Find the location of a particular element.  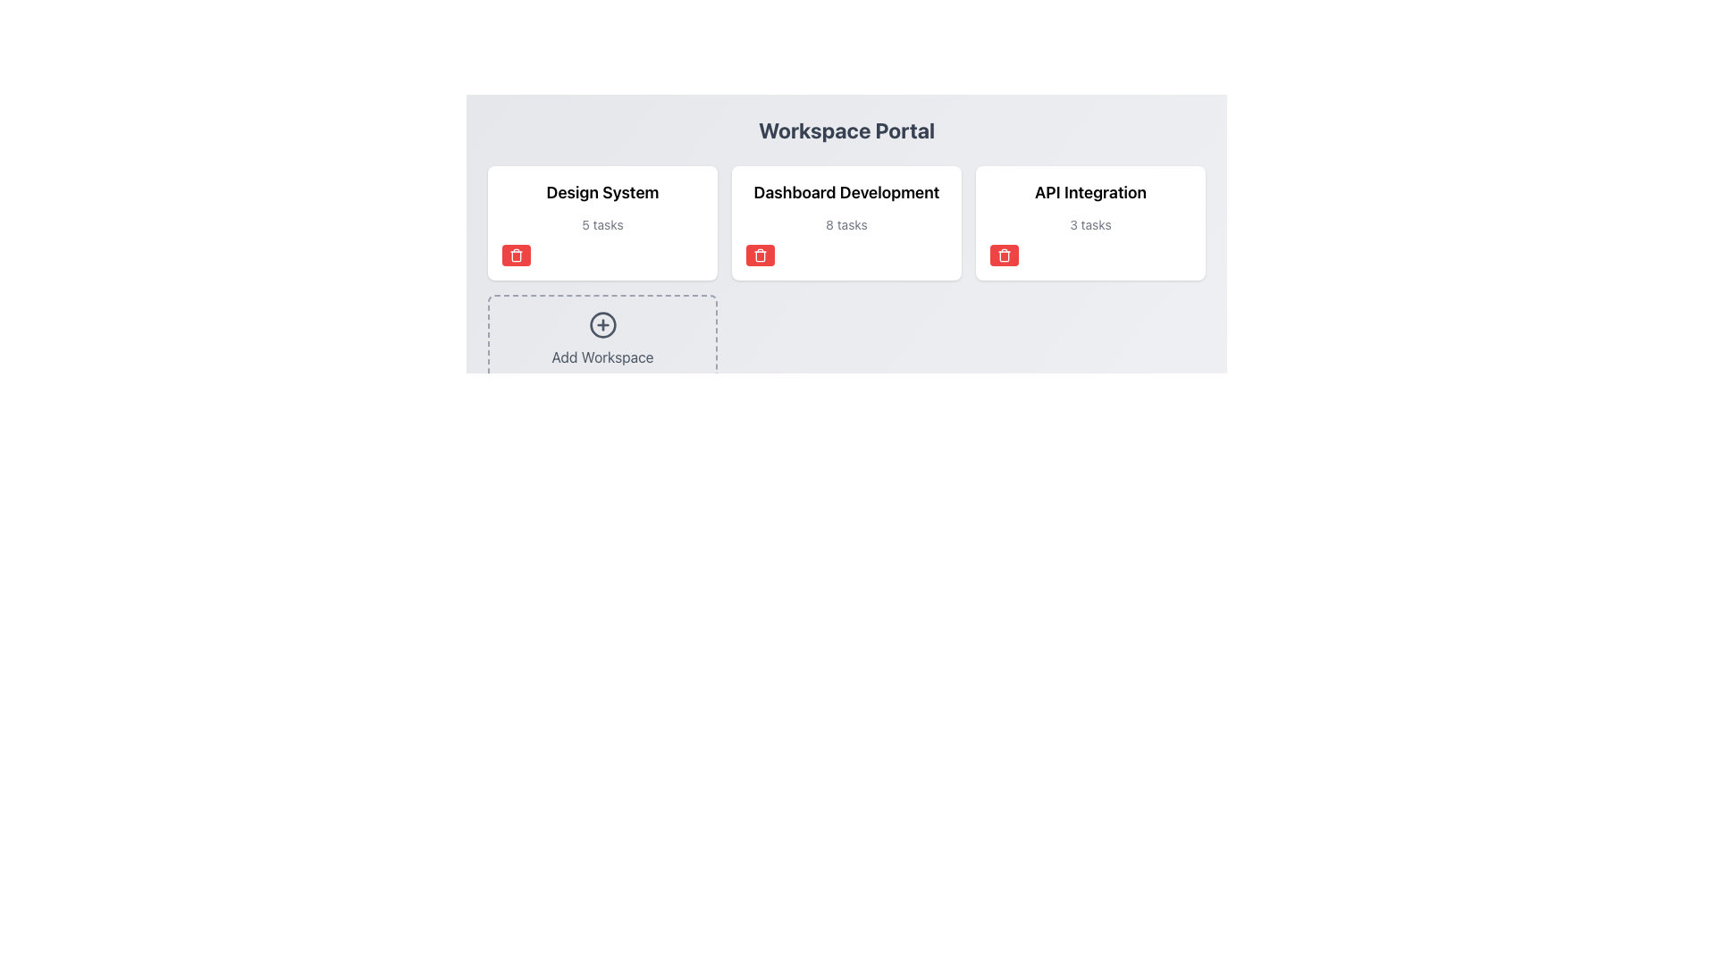

the trash icon with a red square background located at the top left corner of the delete button to initiate a delete action is located at coordinates (515, 255).